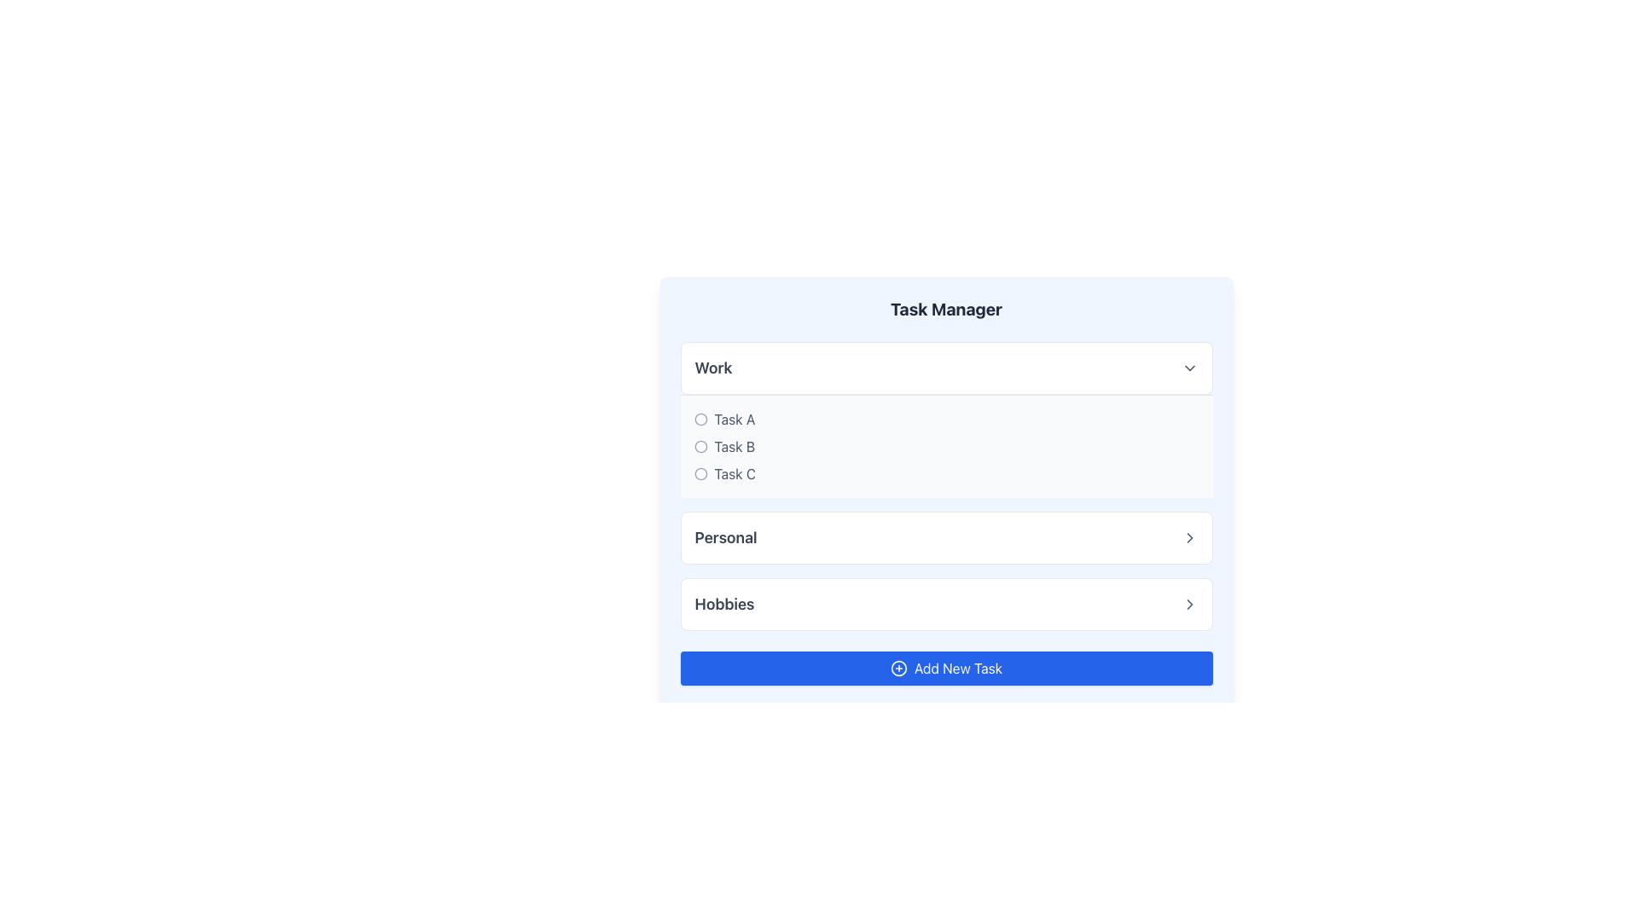  Describe the element at coordinates (735, 446) in the screenshot. I see `the text label displaying 'Task B' in gray color, which is the second option in the vertical list labeled 'Work' in the 'Task Manager' interface` at that location.